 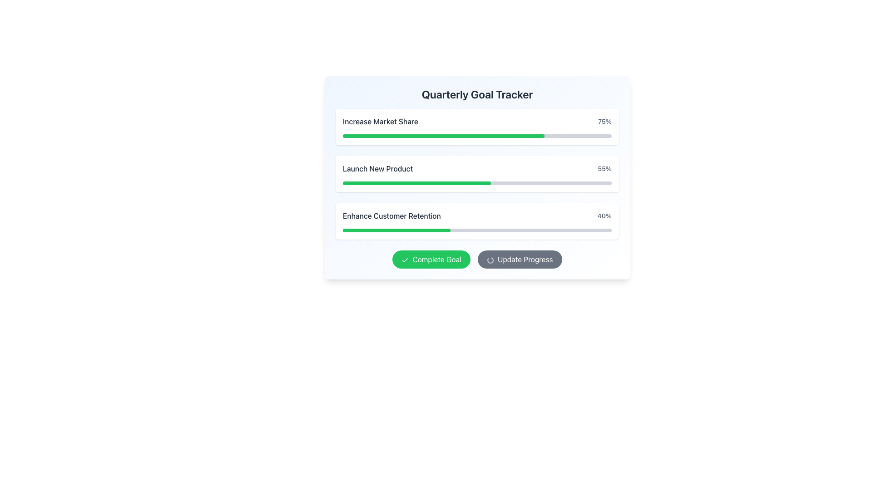 What do you see at coordinates (477, 221) in the screenshot?
I see `the Progress tracker card representing the goal 'Enhance Customer Retention', which is the third entry in a vertical stack of goals, located between 'Launch New Product - 55%' and the action buttons` at bounding box center [477, 221].